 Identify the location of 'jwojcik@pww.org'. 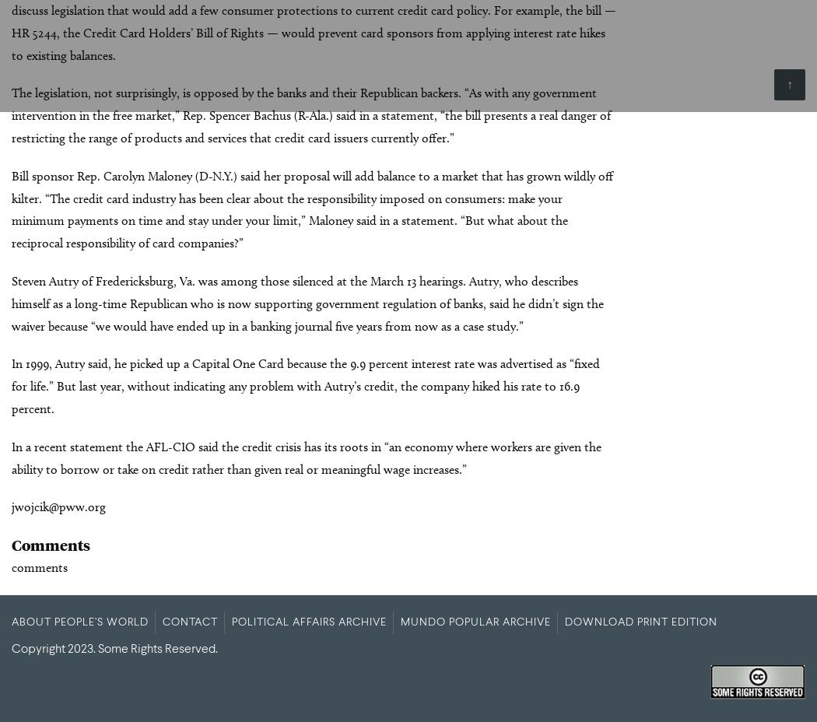
(12, 506).